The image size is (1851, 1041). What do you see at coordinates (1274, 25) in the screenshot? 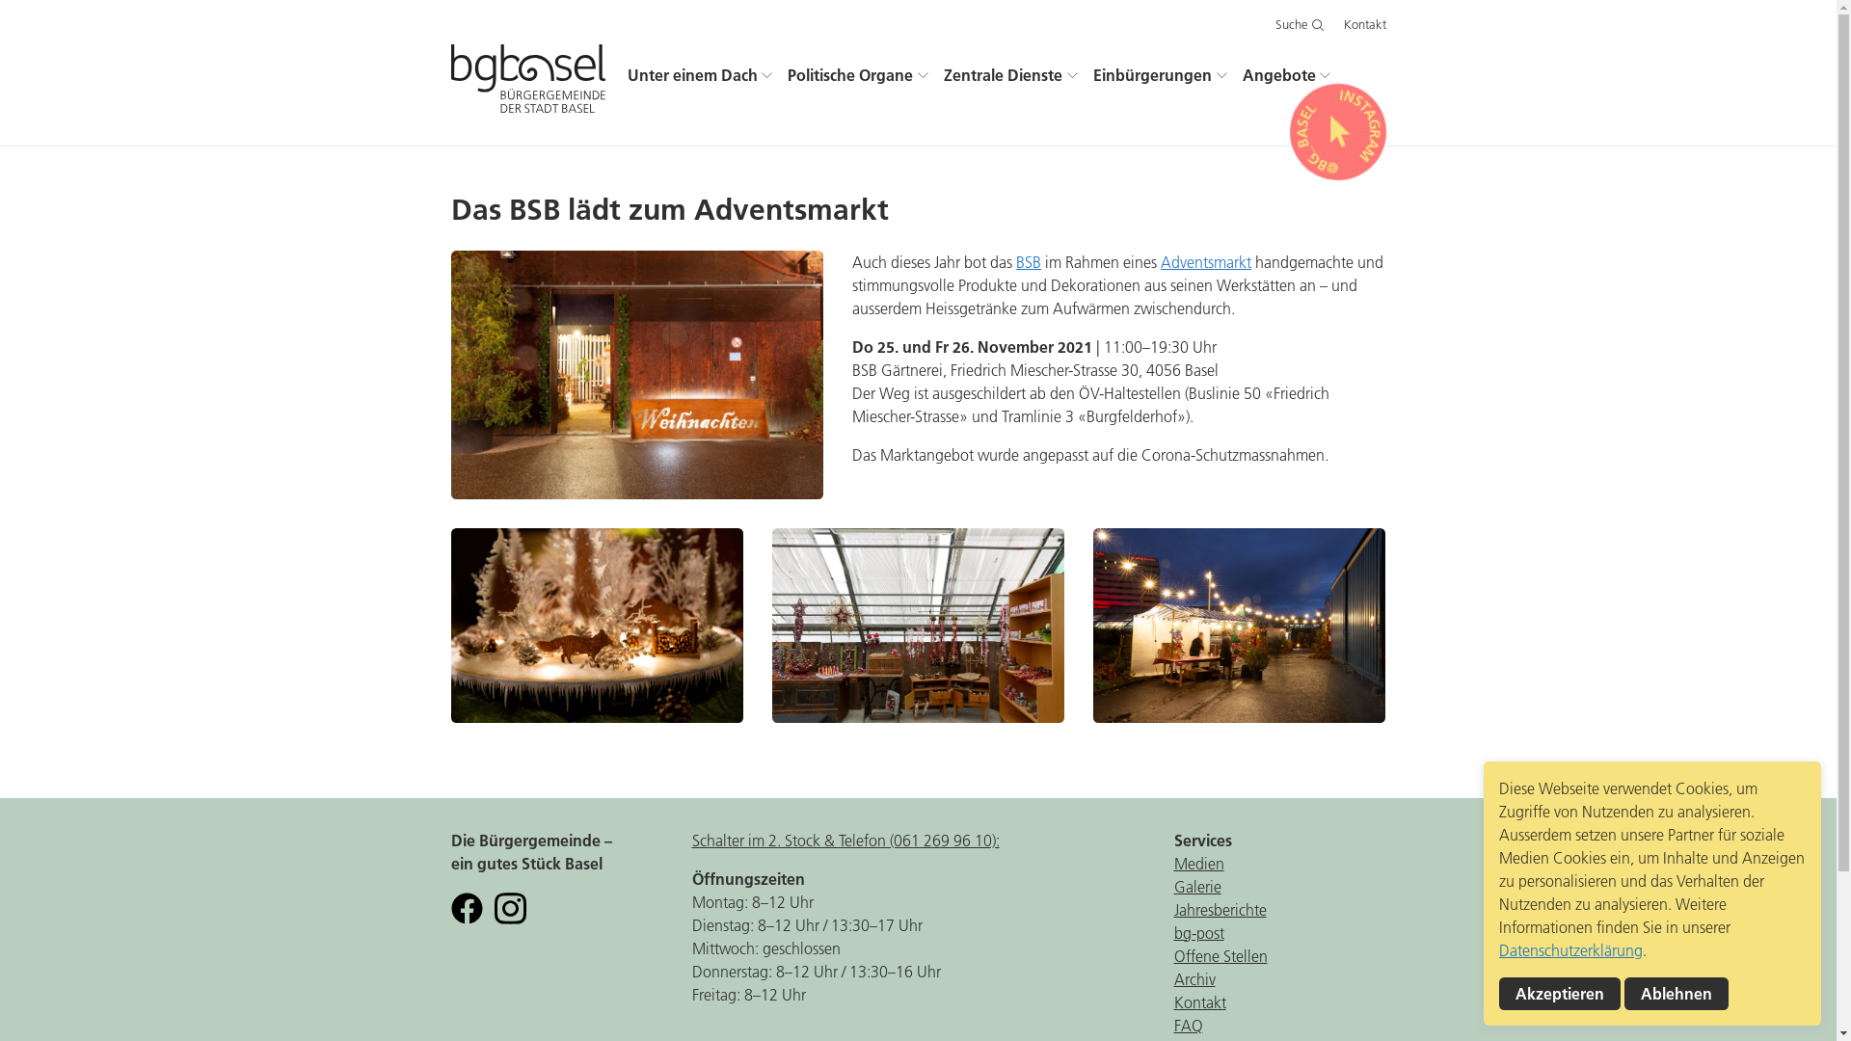
I see `'Suche'` at bounding box center [1274, 25].